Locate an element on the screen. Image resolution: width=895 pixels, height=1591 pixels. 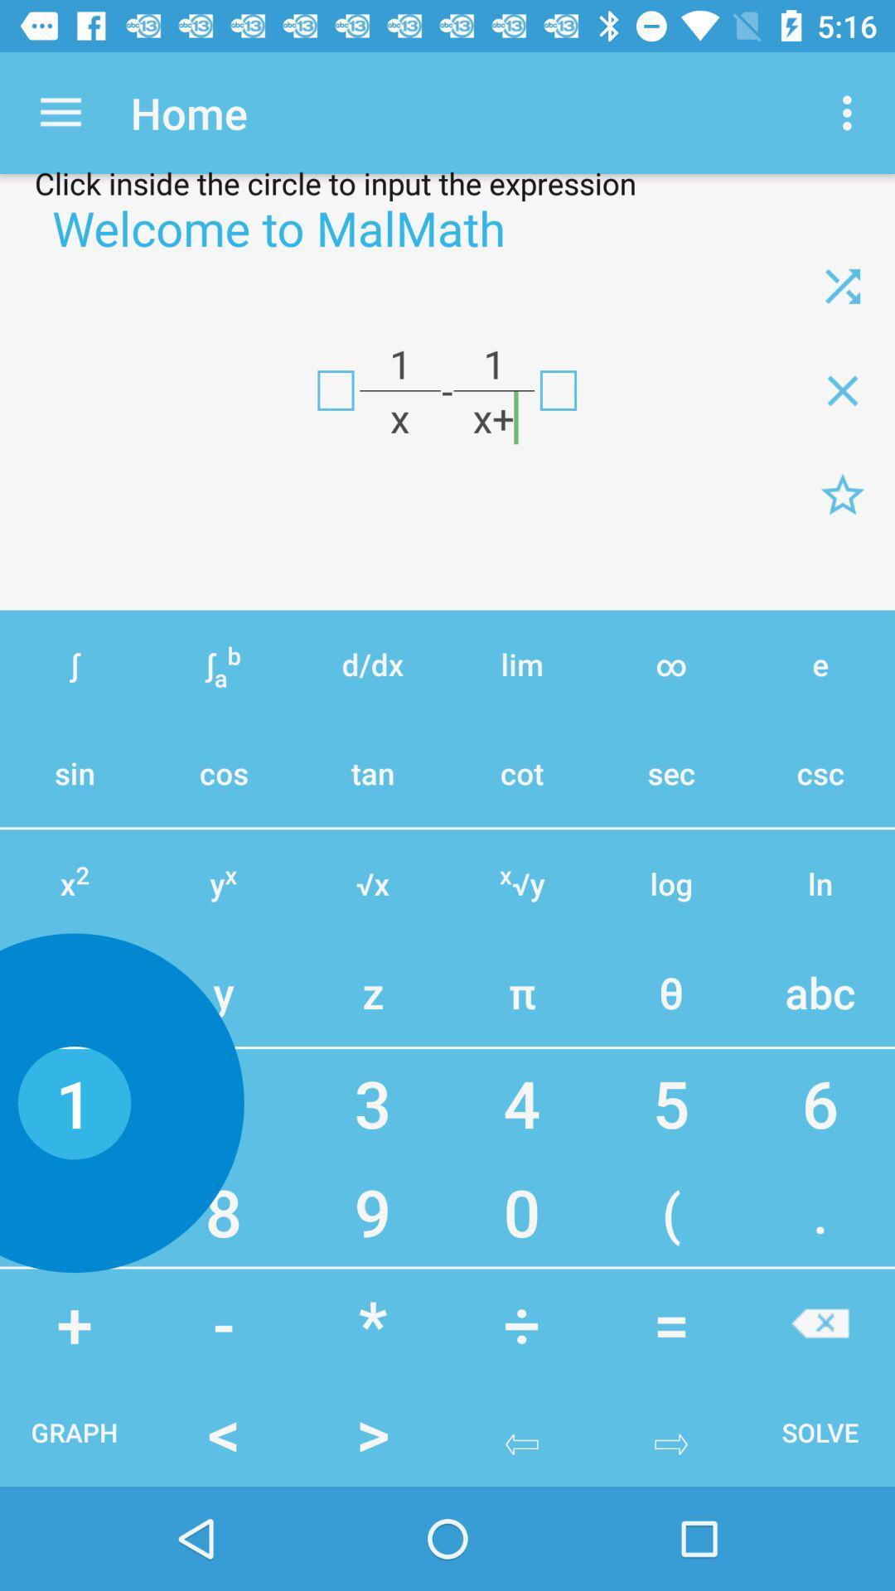
formula is located at coordinates (336, 389).